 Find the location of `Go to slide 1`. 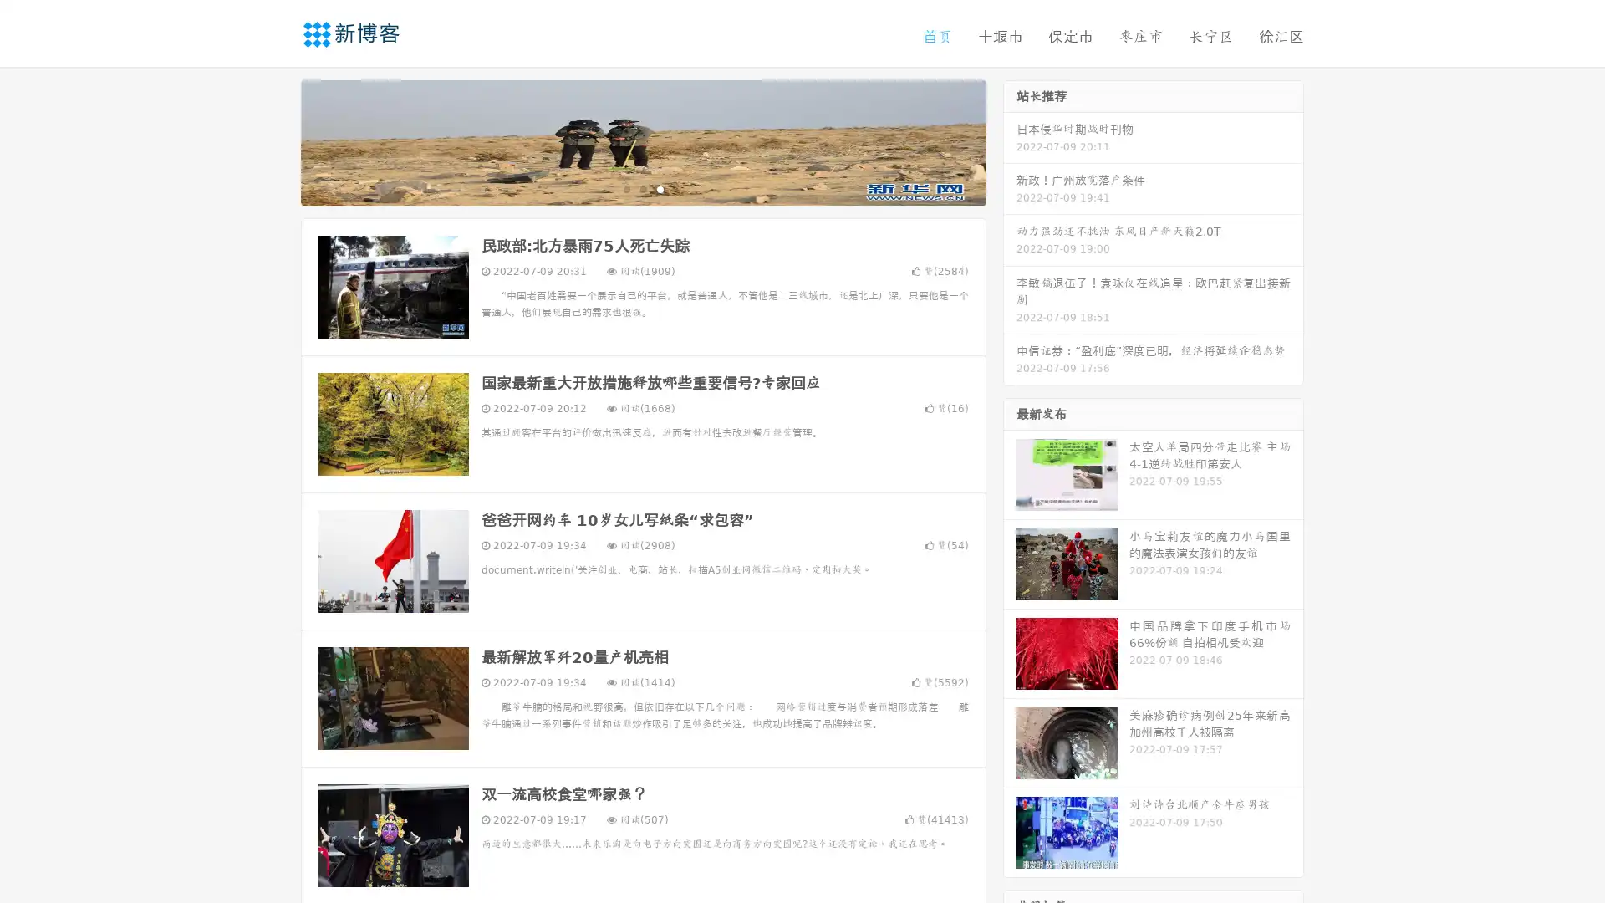

Go to slide 1 is located at coordinates (625, 188).